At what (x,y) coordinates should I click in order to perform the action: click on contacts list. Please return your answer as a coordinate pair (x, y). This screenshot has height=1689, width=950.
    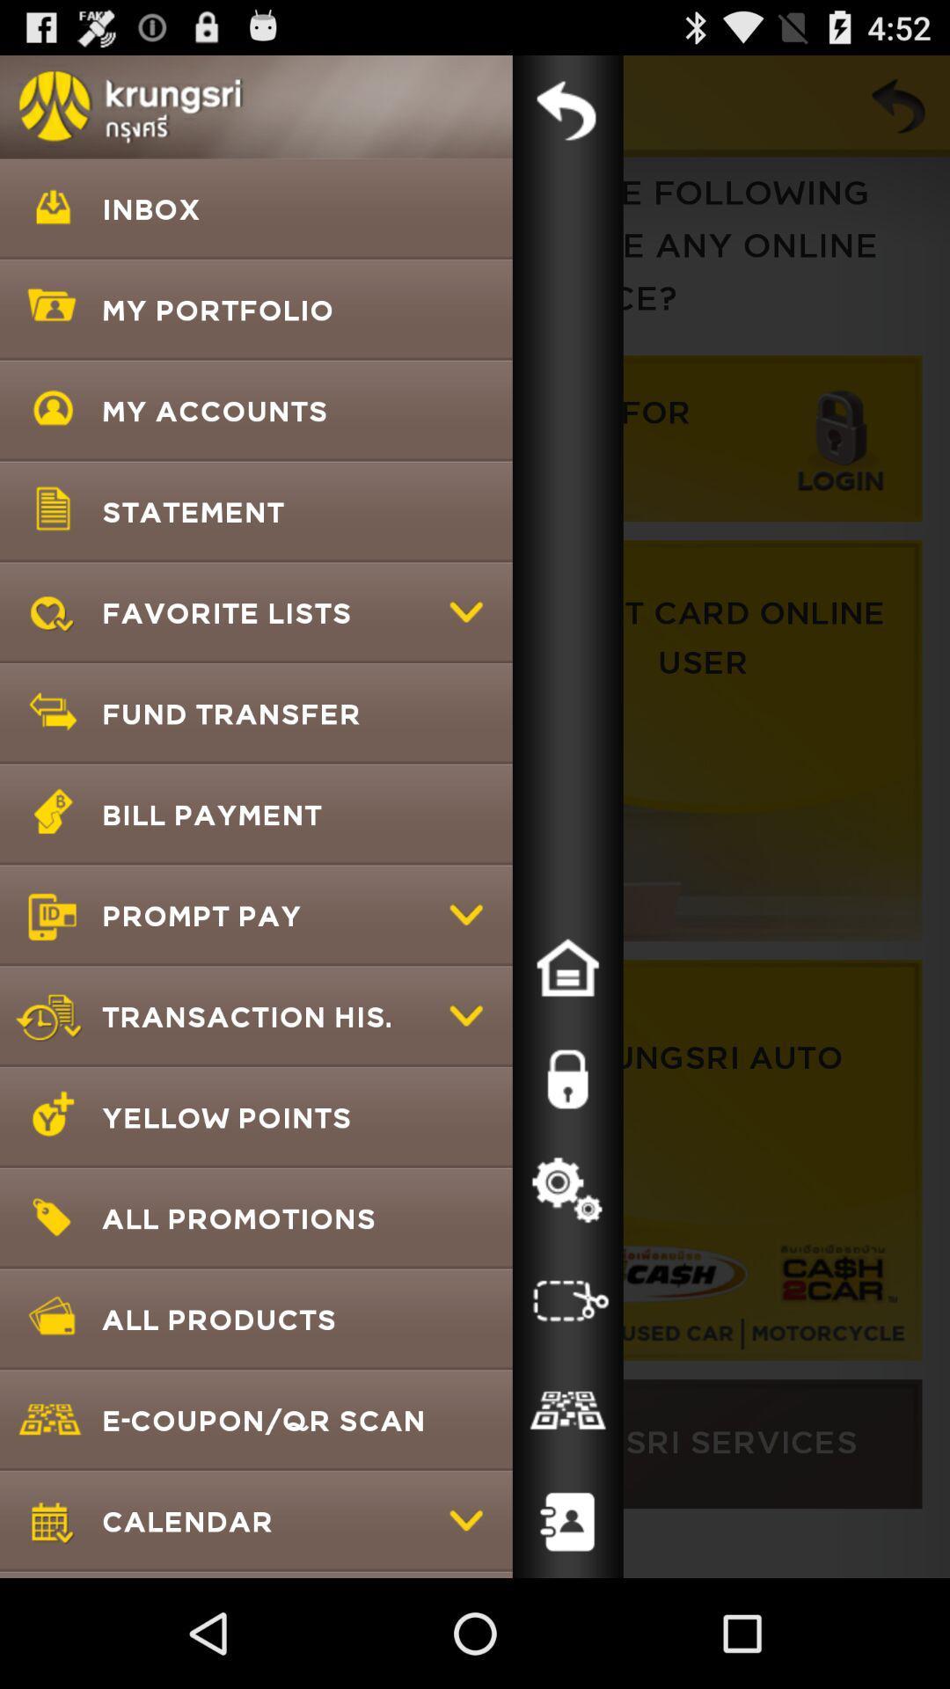
    Looking at the image, I should click on (567, 1522).